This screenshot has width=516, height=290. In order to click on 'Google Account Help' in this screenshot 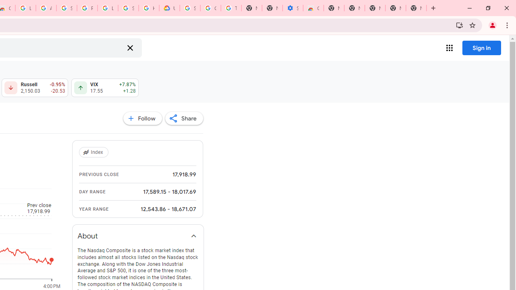, I will do `click(210, 8)`.